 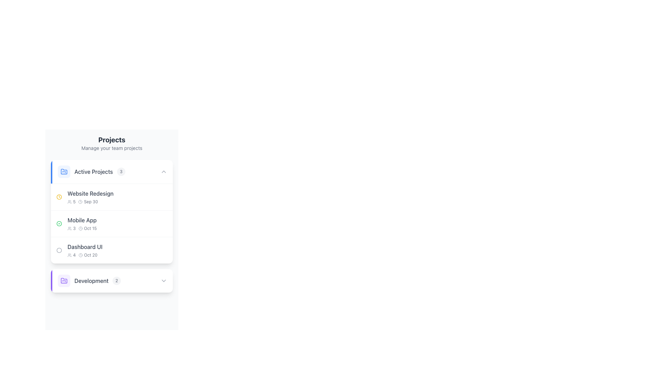 I want to click on the 'Active Projects' text label, which is styled in a medium-weight gray font and is positioned adjacent to a folder icon and a numeric badge displaying '3', so click(x=93, y=171).